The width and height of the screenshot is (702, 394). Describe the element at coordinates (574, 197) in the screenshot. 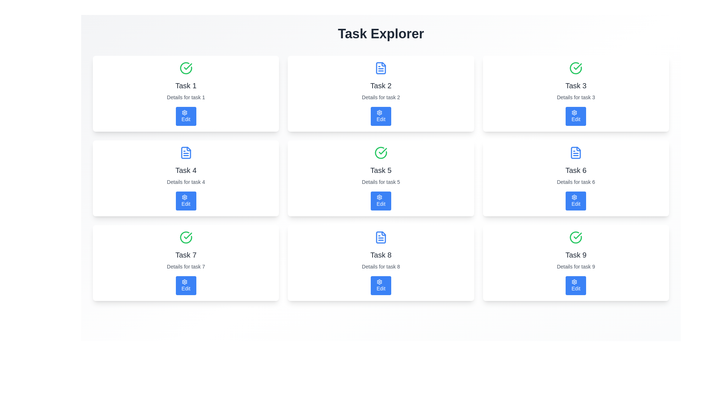

I see `the settings icon component located below the 'Task 6' text in the third row, middle column of the grid` at that location.